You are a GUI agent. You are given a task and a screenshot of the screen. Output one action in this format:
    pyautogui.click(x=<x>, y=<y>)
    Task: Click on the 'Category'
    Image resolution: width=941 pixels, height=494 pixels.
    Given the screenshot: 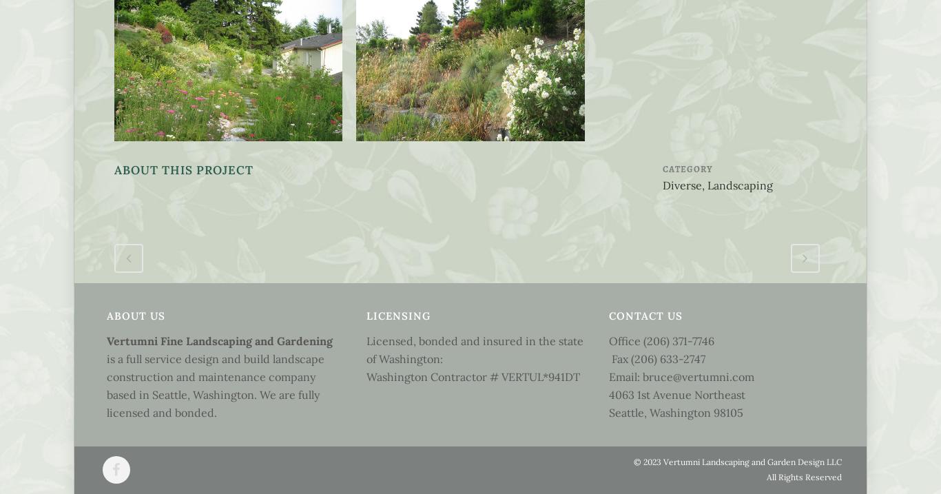 What is the action you would take?
    pyautogui.click(x=687, y=168)
    